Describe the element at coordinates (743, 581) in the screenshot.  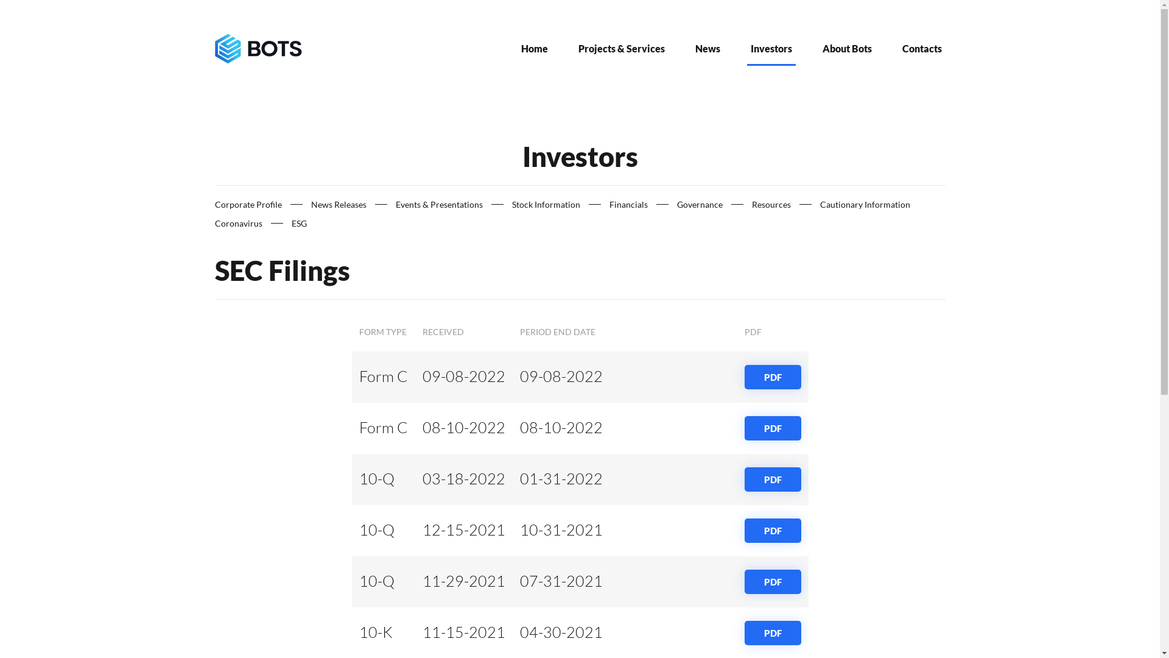
I see `'PDF'` at that location.